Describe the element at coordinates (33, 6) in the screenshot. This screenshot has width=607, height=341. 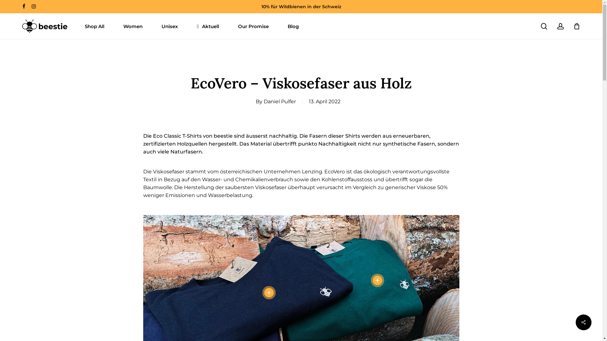
I see `'instagram'` at that location.